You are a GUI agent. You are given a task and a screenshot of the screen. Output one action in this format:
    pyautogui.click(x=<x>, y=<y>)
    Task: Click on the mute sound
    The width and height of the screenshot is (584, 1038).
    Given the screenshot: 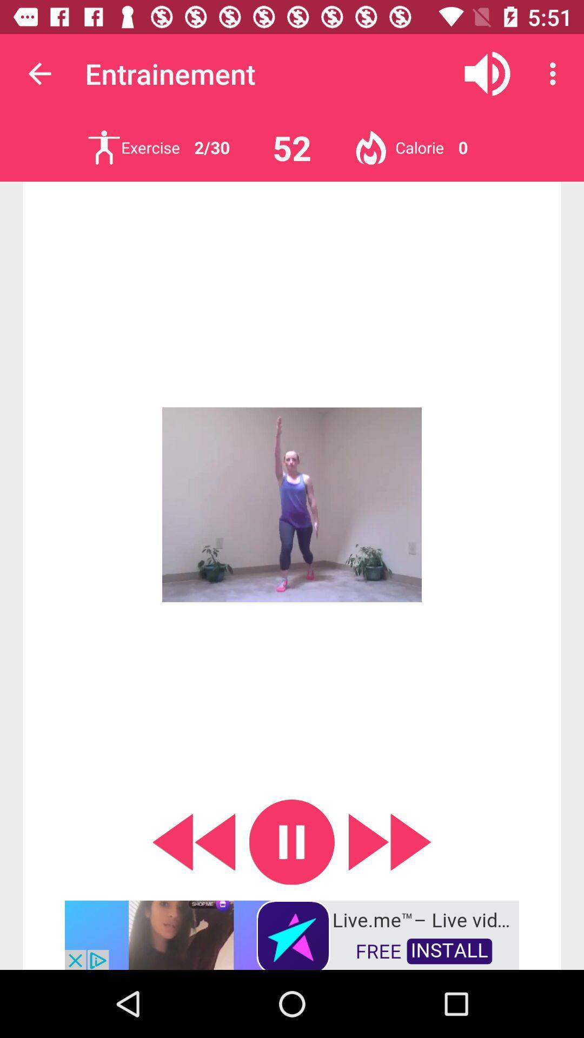 What is the action you would take?
    pyautogui.click(x=487, y=73)
    